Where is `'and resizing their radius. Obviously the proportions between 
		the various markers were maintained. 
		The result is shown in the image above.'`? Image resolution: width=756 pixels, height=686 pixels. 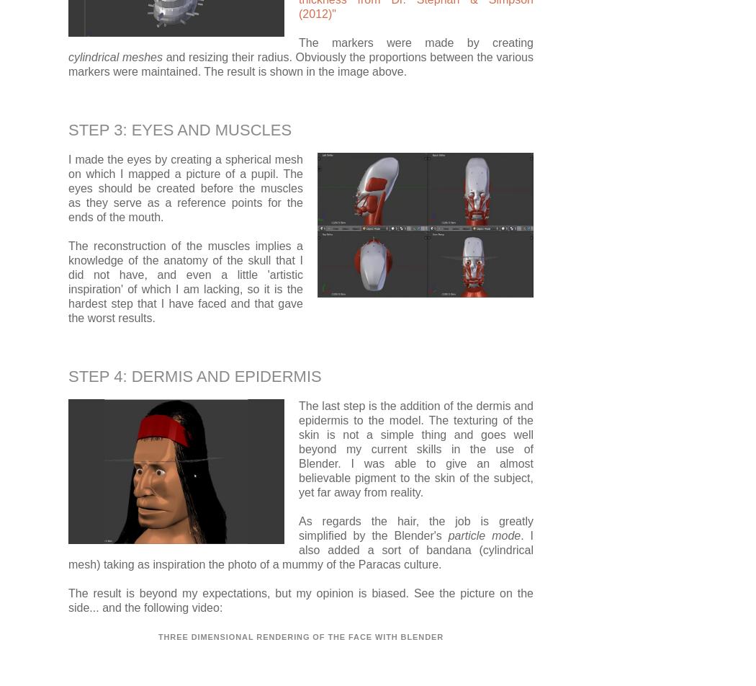
'and resizing their radius. Obviously the proportions between 
		the various markers were maintained. 
		The result is shown in the image above.' is located at coordinates (68, 63).